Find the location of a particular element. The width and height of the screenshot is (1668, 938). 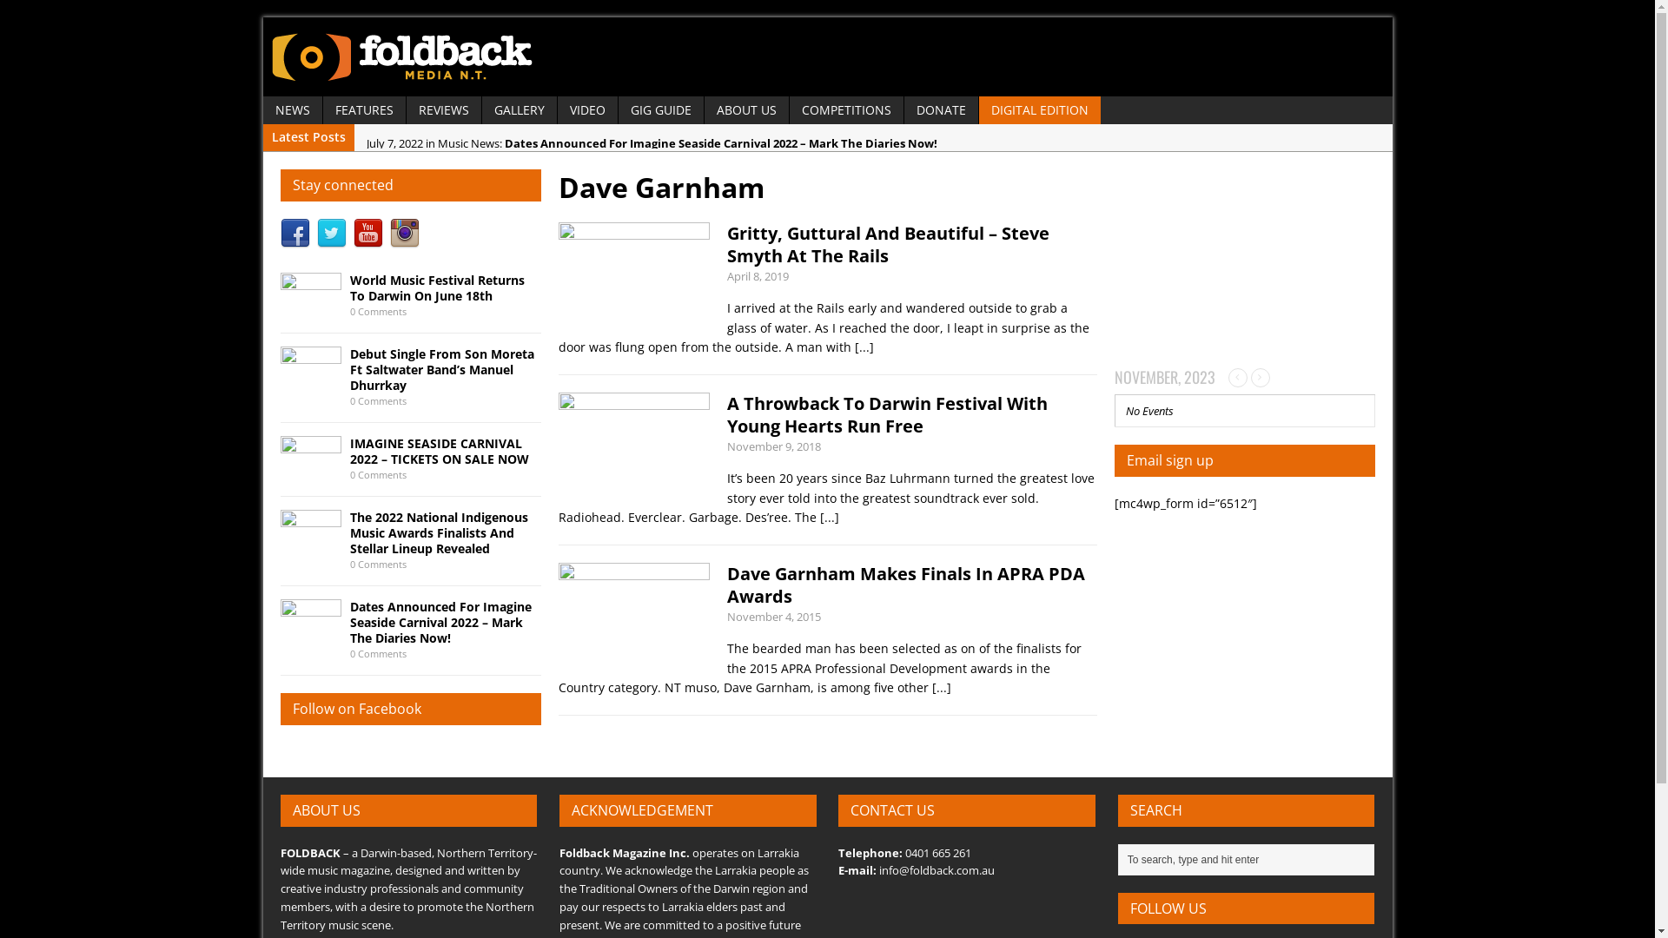

'GALLERY' is located at coordinates (517, 110).